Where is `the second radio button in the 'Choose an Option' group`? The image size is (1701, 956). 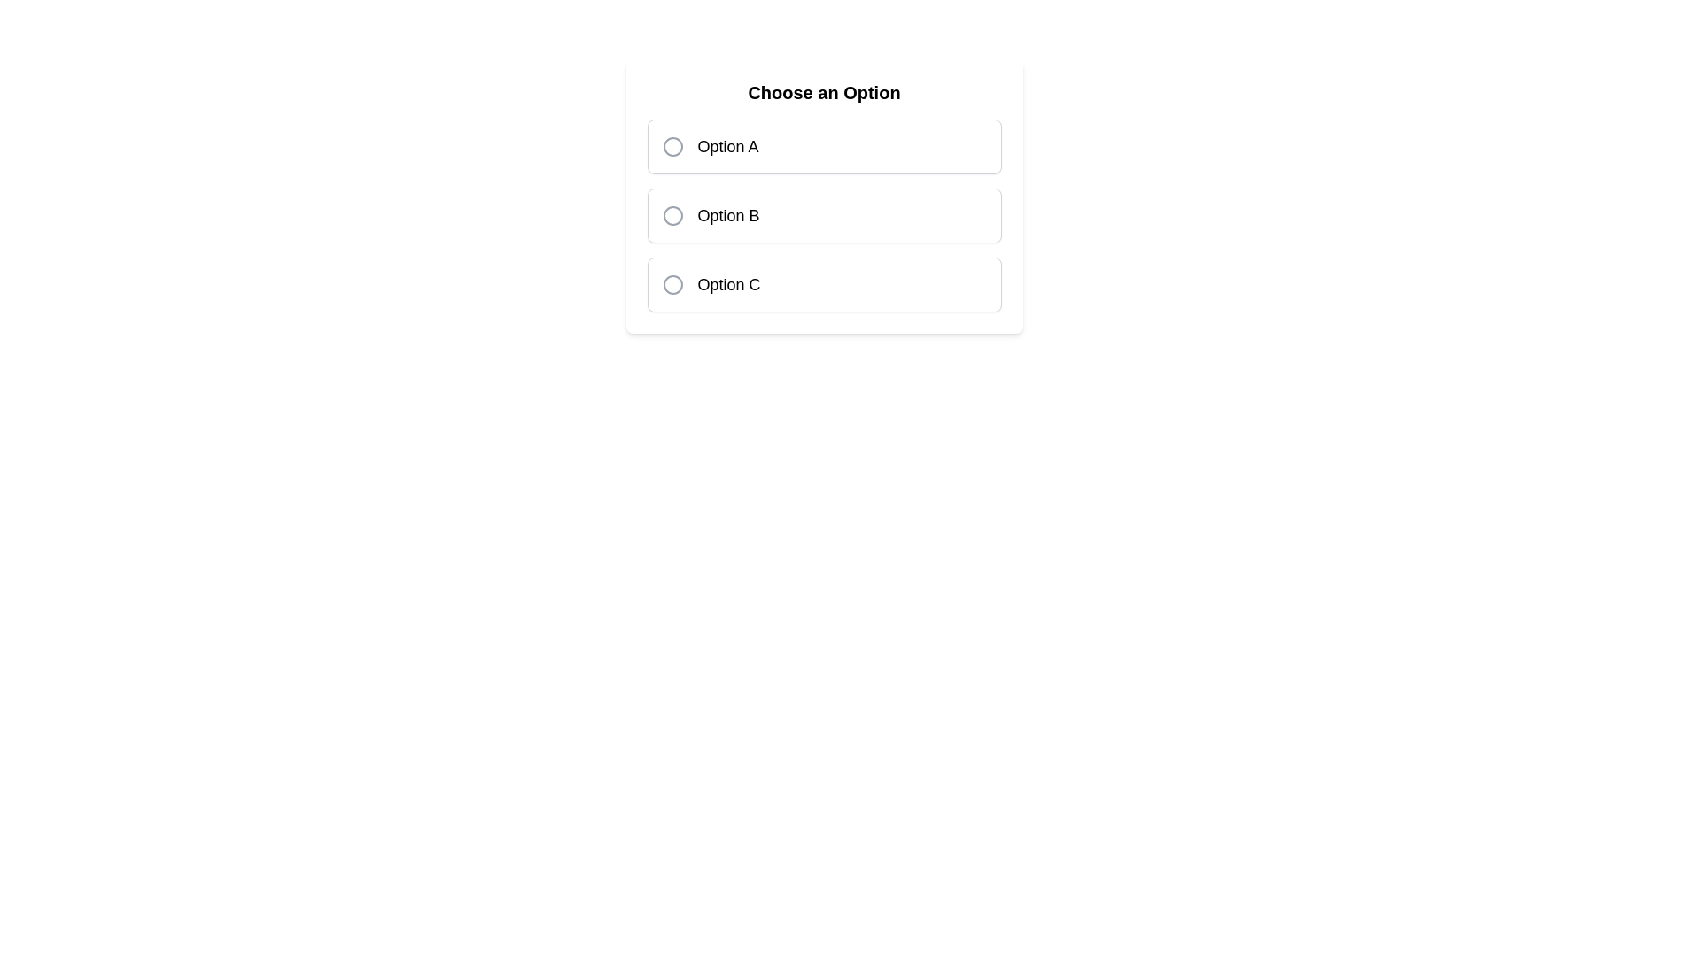
the second radio button in the 'Choose an Option' group is located at coordinates (823, 197).